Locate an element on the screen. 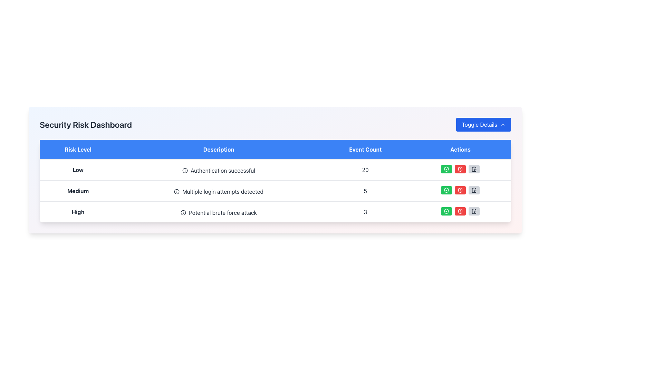 Image resolution: width=663 pixels, height=373 pixels. the Icon Button in the last column under the 'Actions' header, specifically in the third row corresponding to the 'High risk level' entry is located at coordinates (474, 169).